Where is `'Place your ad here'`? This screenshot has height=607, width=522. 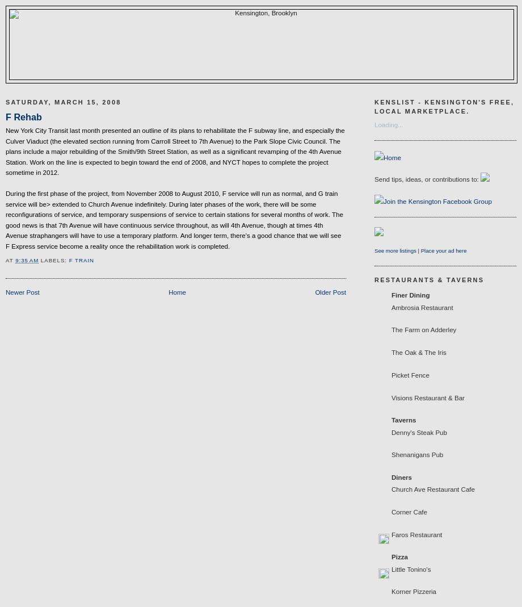 'Place your ad here' is located at coordinates (443, 249).